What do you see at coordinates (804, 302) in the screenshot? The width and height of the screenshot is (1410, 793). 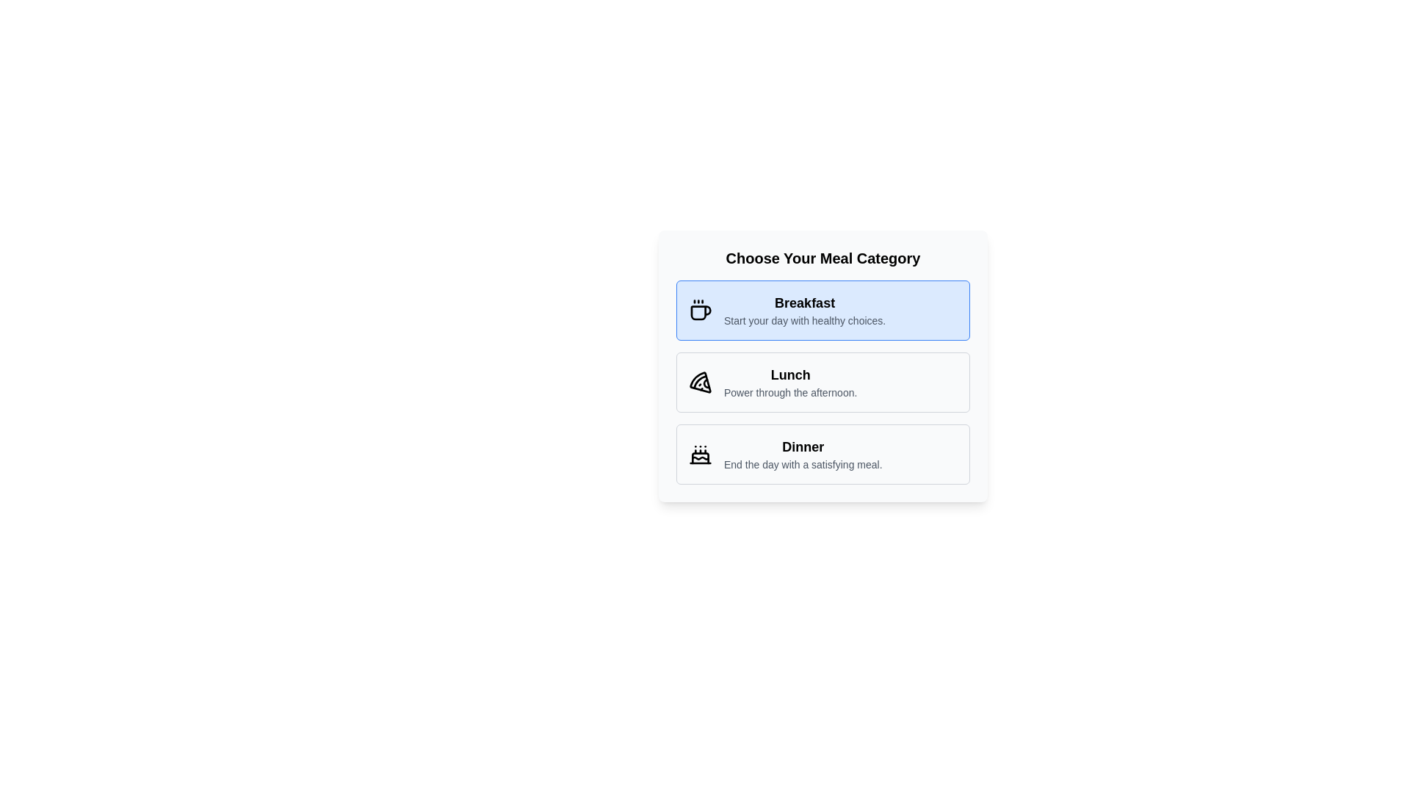 I see `the 'Breakfast' text label, which serves as a header for the meal category options, located at the top of the meal categories section` at bounding box center [804, 302].